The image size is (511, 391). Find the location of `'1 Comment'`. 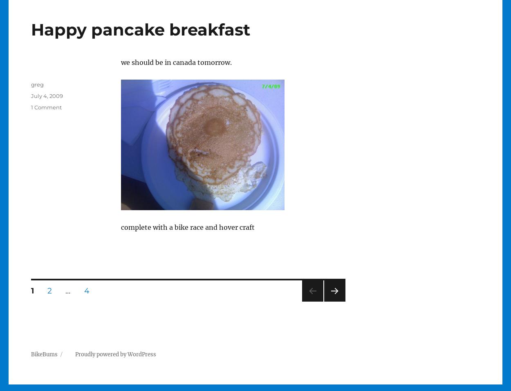

'1 Comment' is located at coordinates (45, 107).